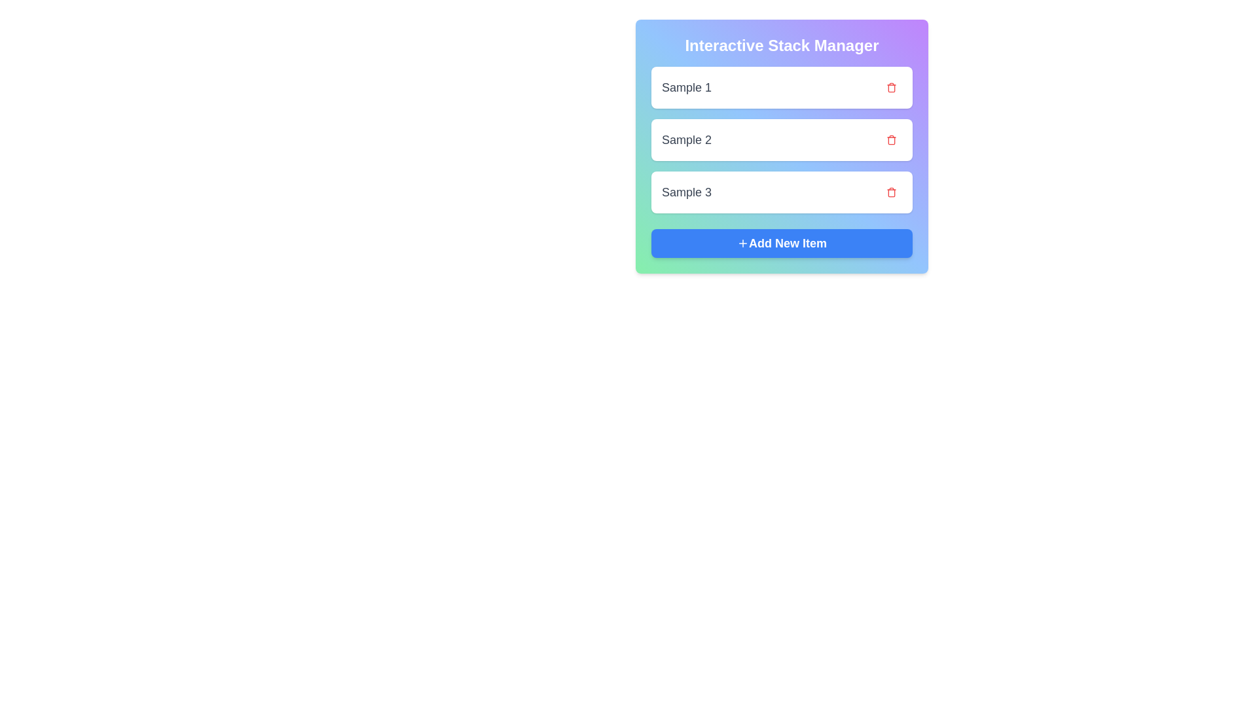 The height and width of the screenshot is (707, 1257). What do you see at coordinates (891, 88) in the screenshot?
I see `the trash can icon button, which is red and positioned to the right of the 'Sample 2' text input field` at bounding box center [891, 88].